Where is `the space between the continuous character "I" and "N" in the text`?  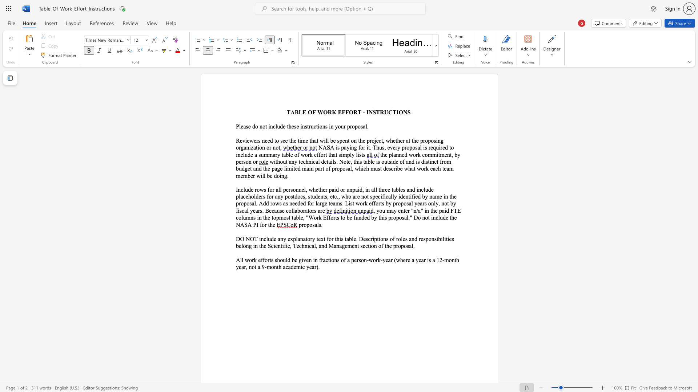
the space between the continuous character "I" and "N" in the text is located at coordinates (369, 112).